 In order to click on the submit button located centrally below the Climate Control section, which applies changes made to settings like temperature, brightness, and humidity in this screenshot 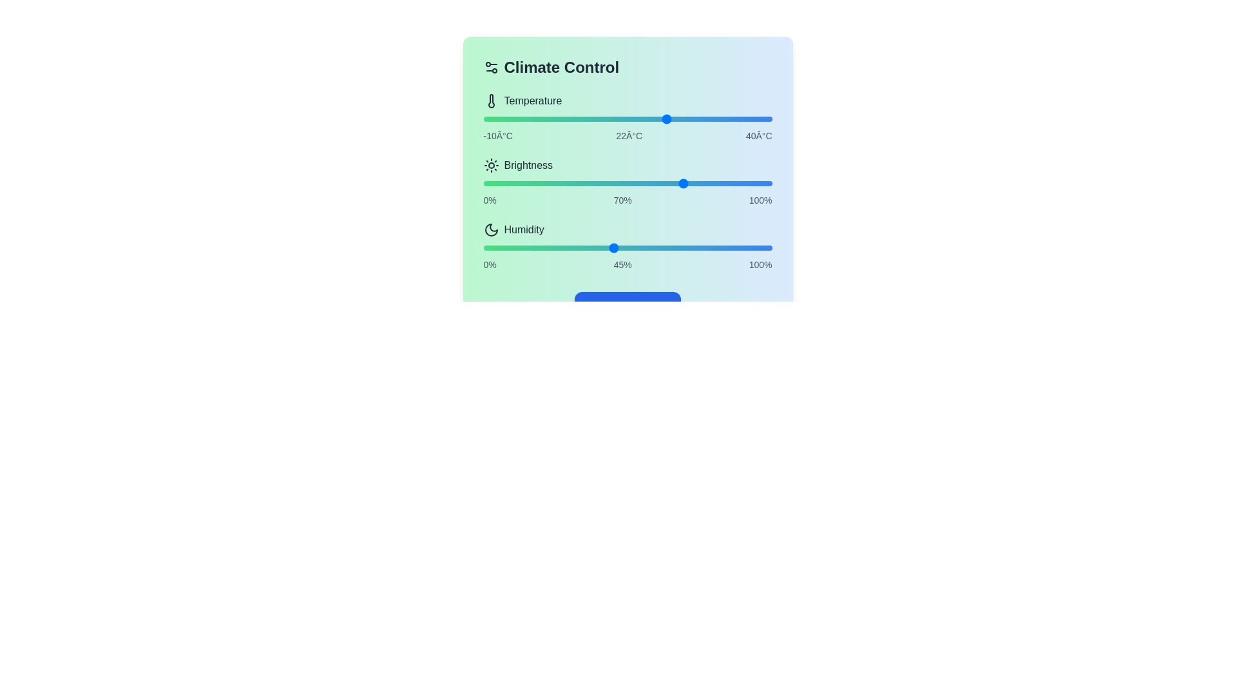, I will do `click(628, 307)`.